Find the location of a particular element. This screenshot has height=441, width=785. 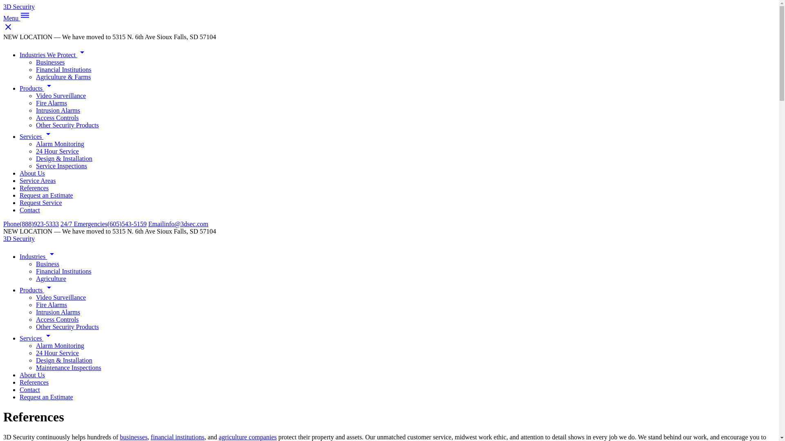

'3D Security' is located at coordinates (3, 7).